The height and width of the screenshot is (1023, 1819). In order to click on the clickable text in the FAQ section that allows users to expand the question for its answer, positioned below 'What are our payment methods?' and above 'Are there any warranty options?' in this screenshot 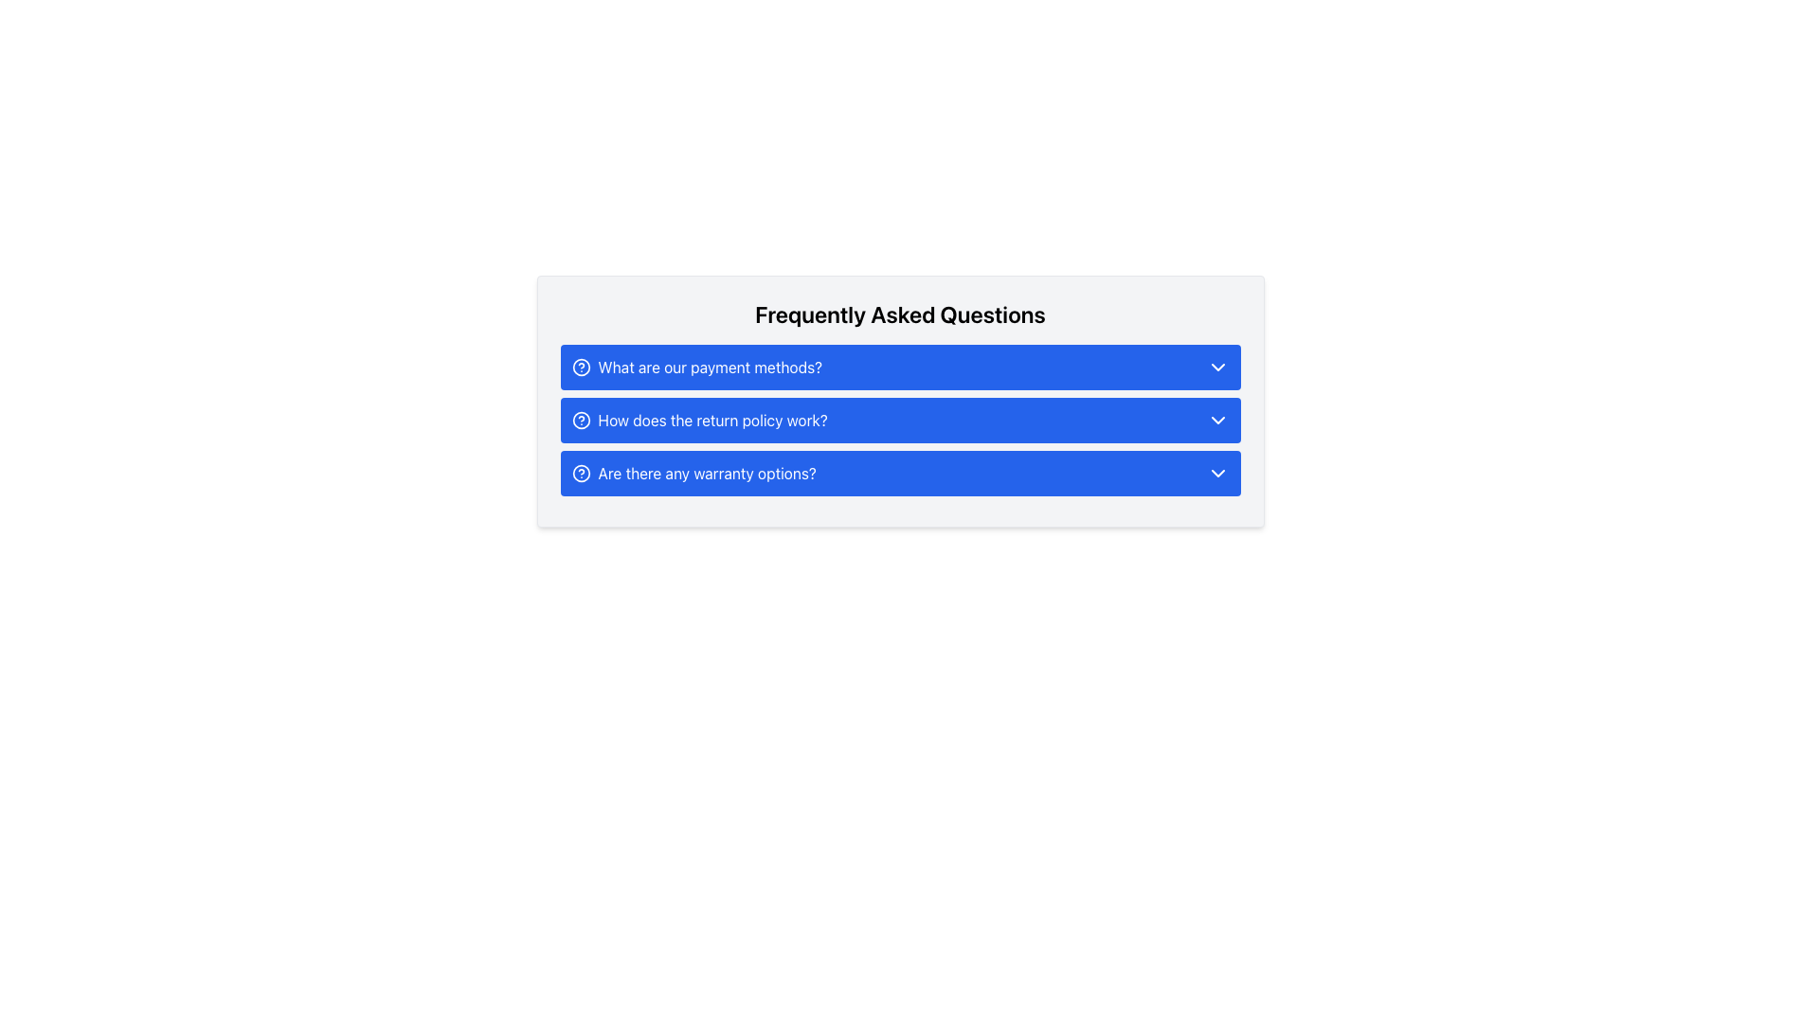, I will do `click(698, 419)`.